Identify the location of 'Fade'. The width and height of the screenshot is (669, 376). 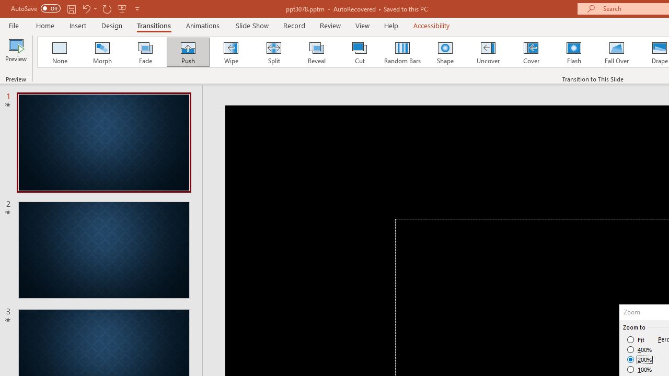
(144, 52).